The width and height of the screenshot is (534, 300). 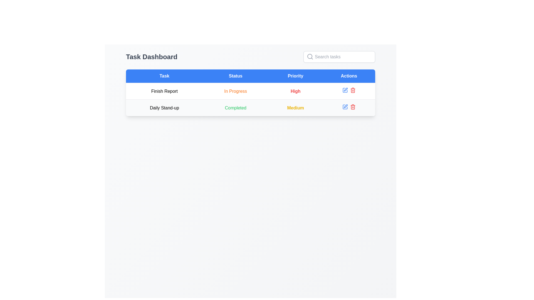 I want to click on the 'Status' header, which is displayed in bold white font on a blue background and is the second header in a row of four at the top of the table, so click(x=236, y=76).